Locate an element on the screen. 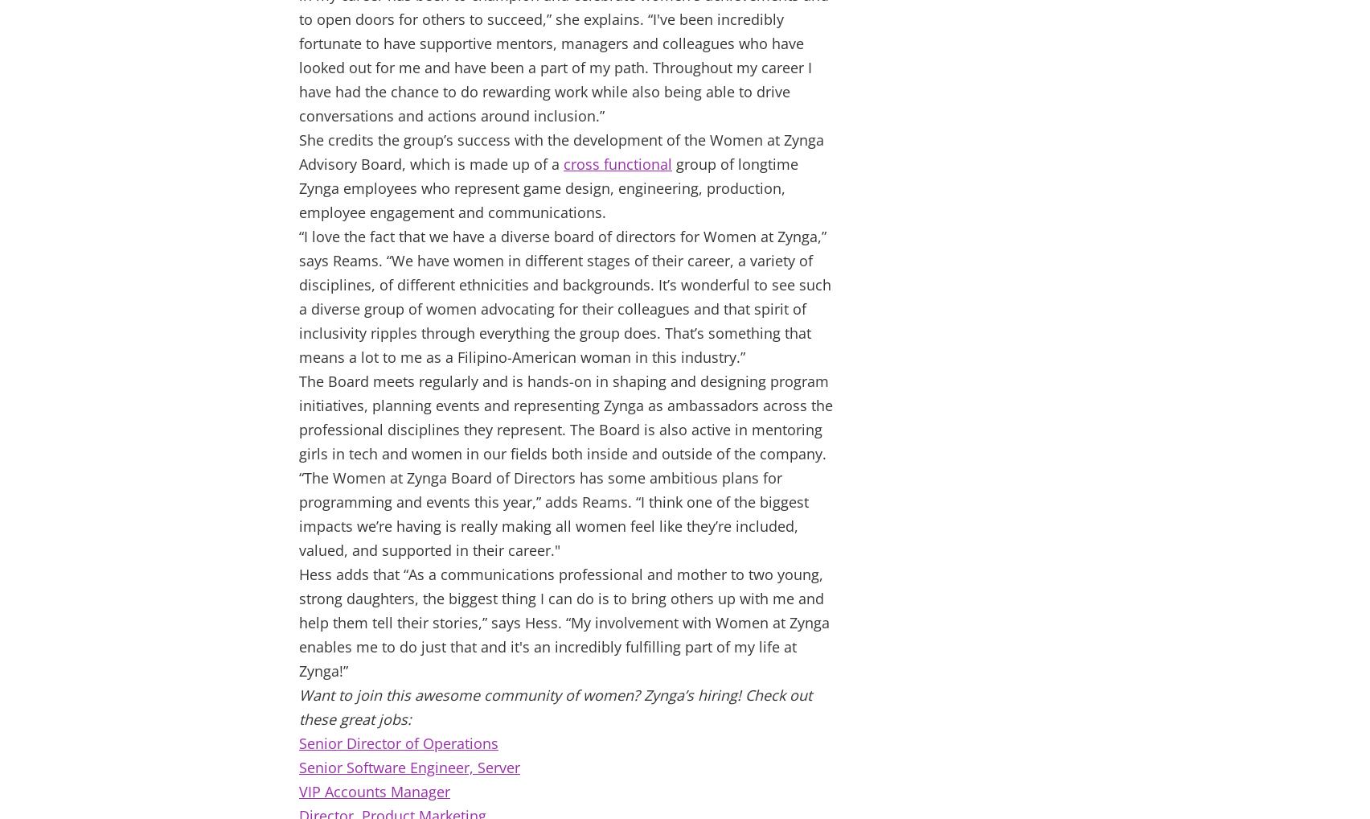 This screenshot has width=1370, height=819. 'group of longtime Zynga employees who represent game design, engineering, production, employee engagement and communications.' is located at coordinates (548, 187).